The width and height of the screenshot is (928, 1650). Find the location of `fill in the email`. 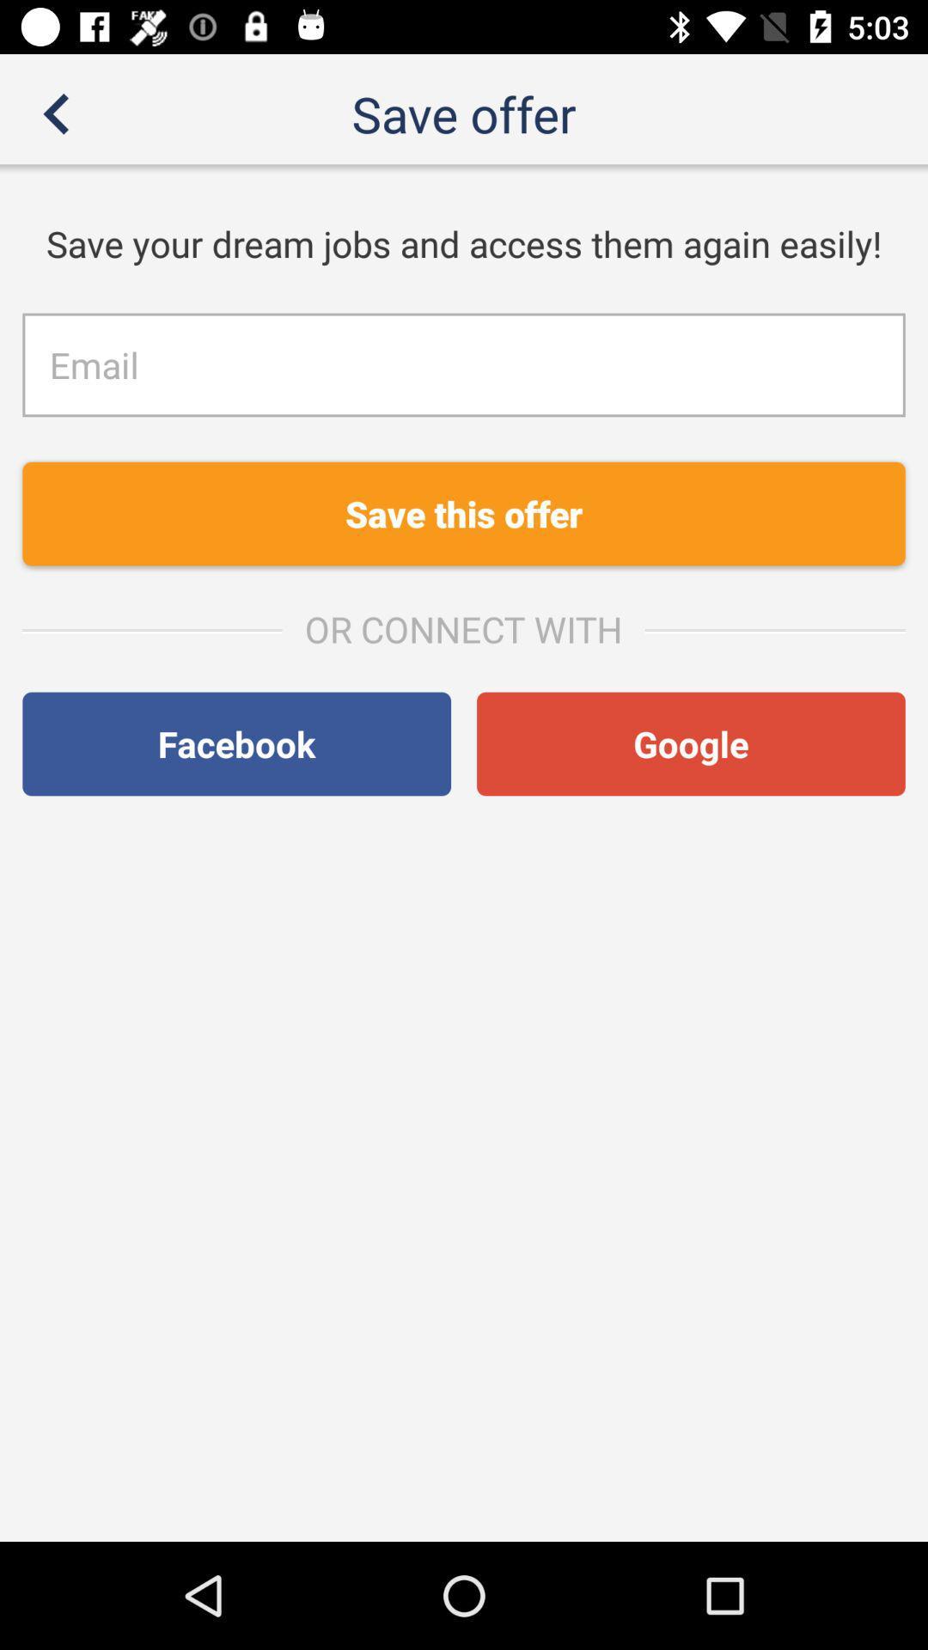

fill in the email is located at coordinates (464, 364).